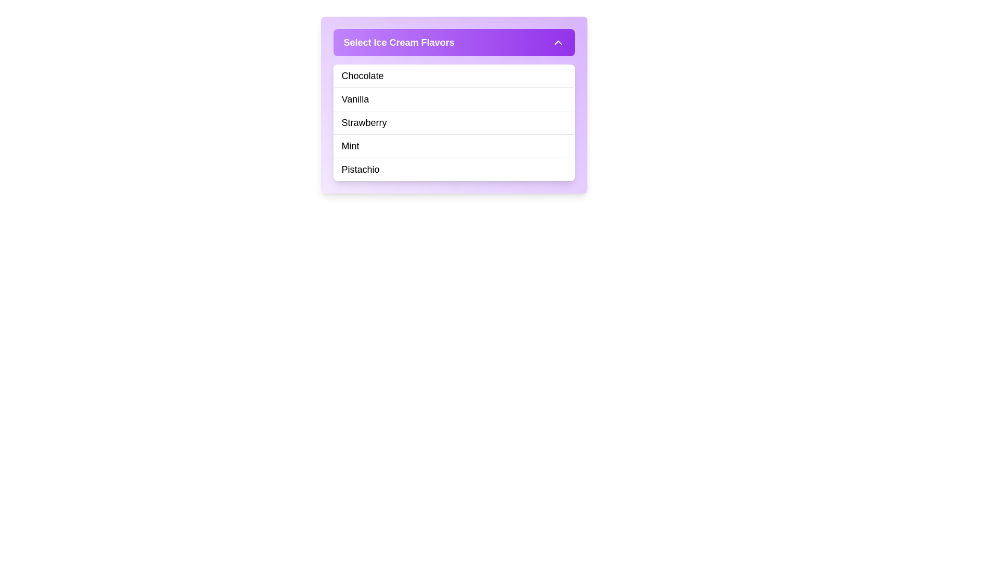 The image size is (999, 562). What do you see at coordinates (350, 146) in the screenshot?
I see `the 'Mint' text label, which is the fourth item in a vertical list of ice cream flavors, positioned between 'Strawberry' and 'Pistachio'` at bounding box center [350, 146].